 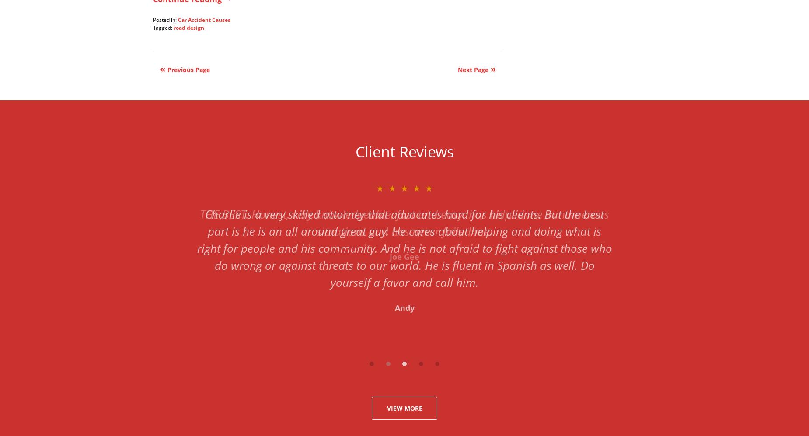 I want to click on 'I found Mr. Flaxman to be an excellent attorney for my personal injury case. This is actually the second time I have used him and he really represented my interests. He explained everything thoroughly and he was very available for my questions.', so click(x=404, y=230).